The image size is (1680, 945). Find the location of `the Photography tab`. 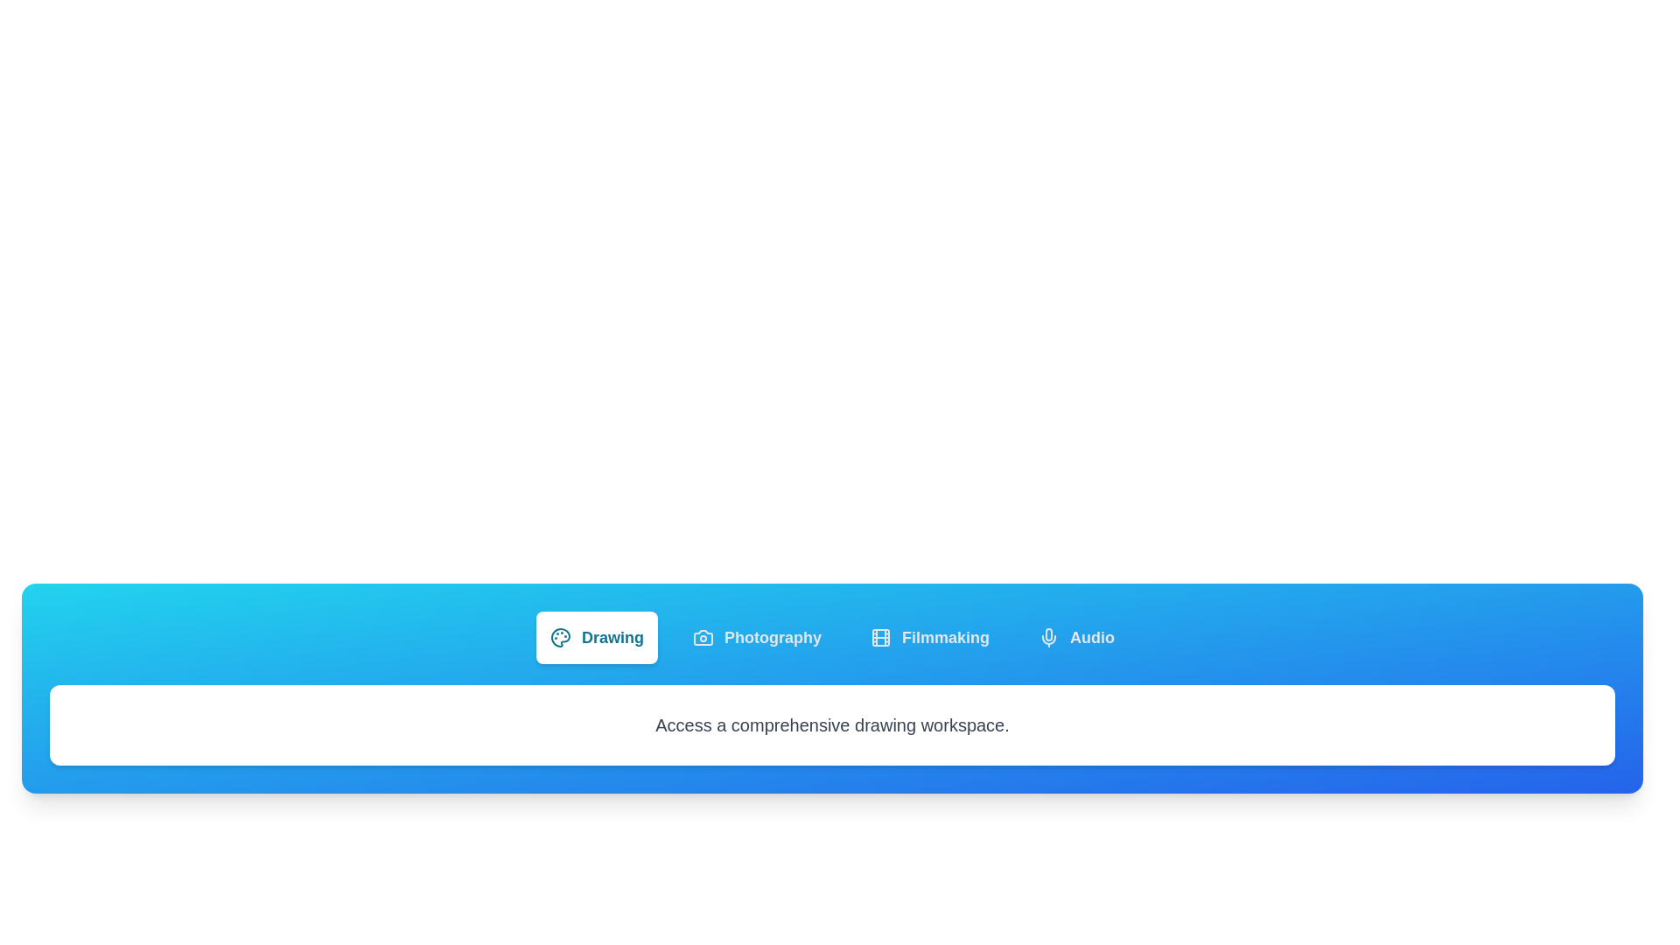

the Photography tab is located at coordinates (757, 638).